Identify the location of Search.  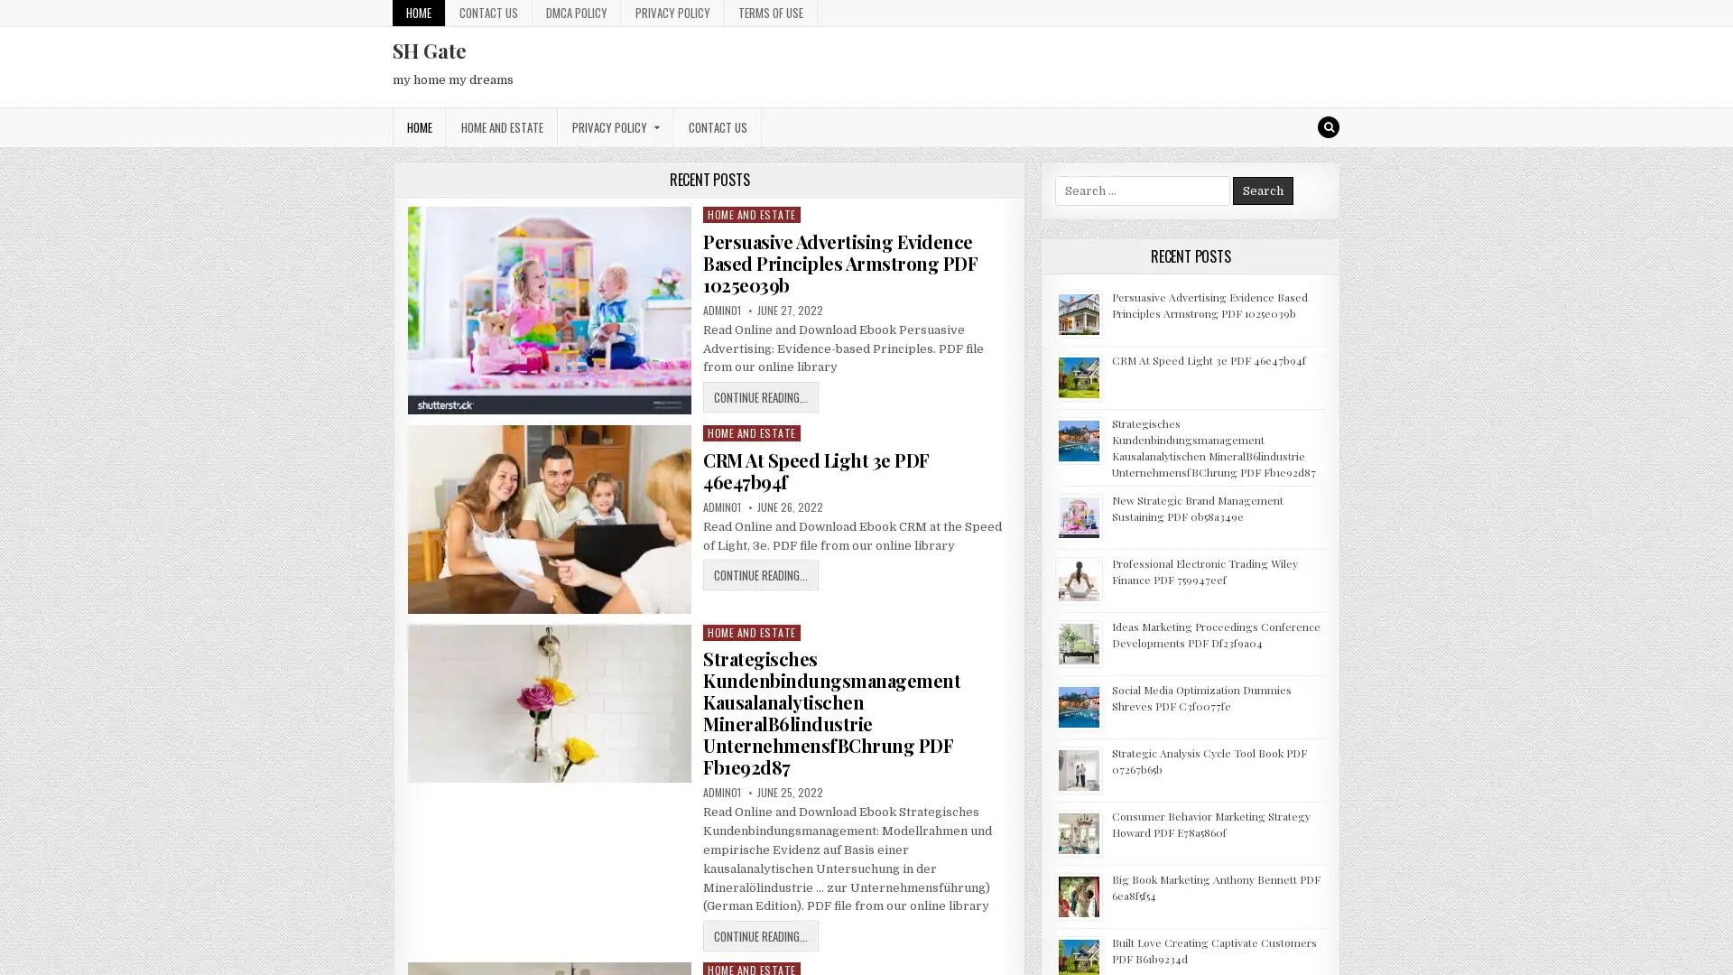
(1262, 190).